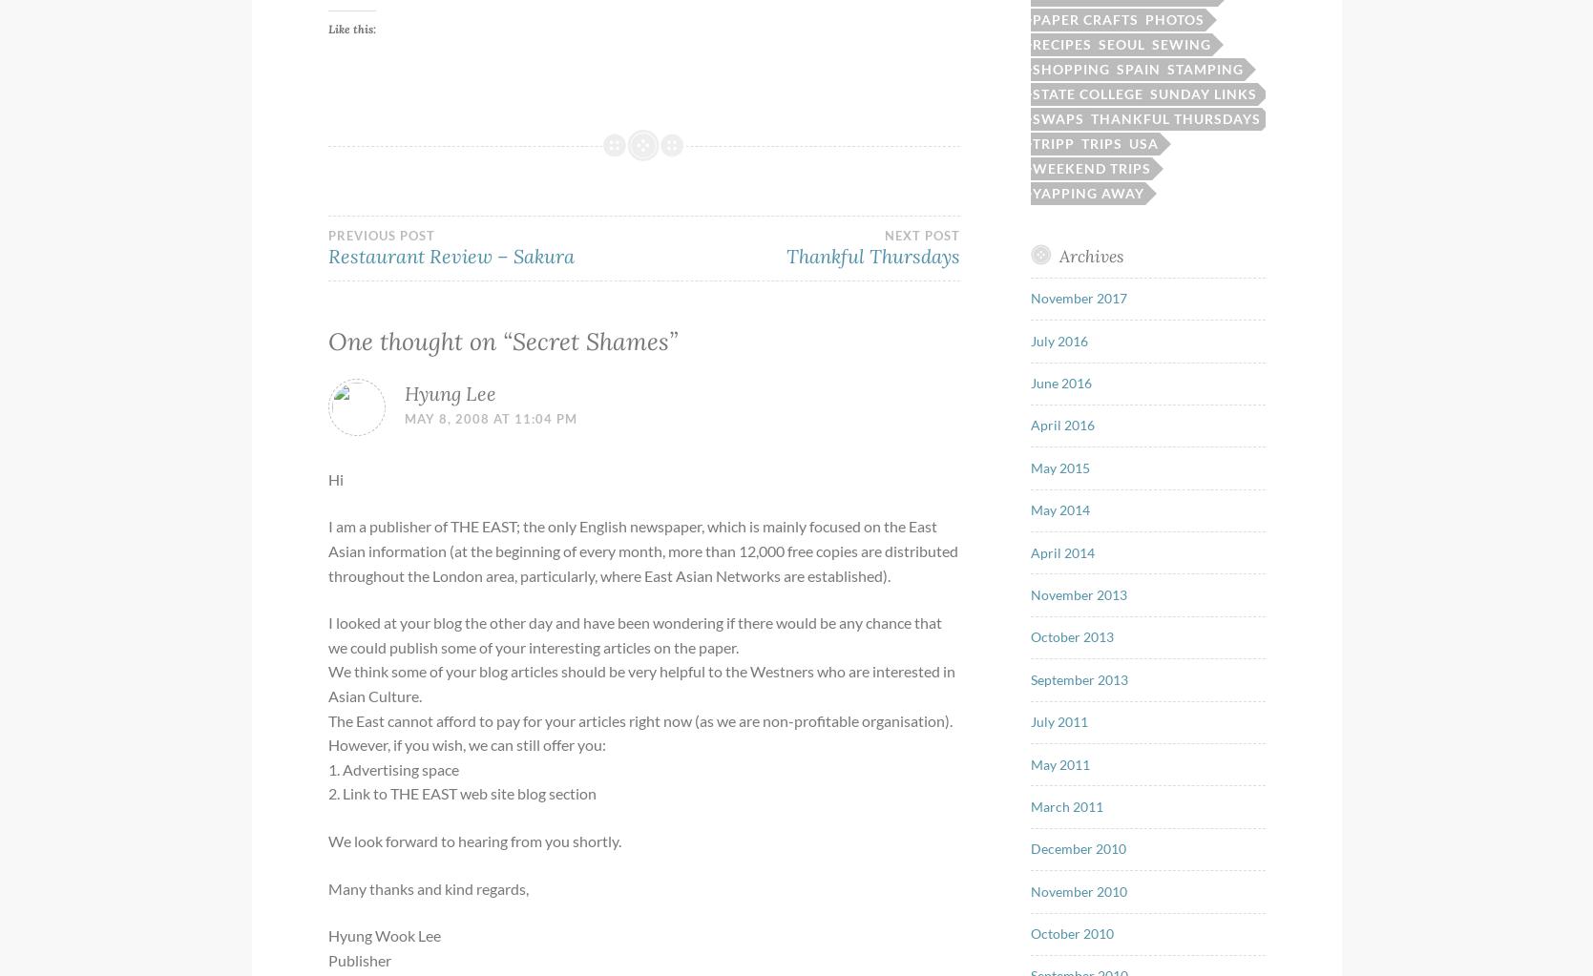  What do you see at coordinates (1138, 68) in the screenshot?
I see `'Spain'` at bounding box center [1138, 68].